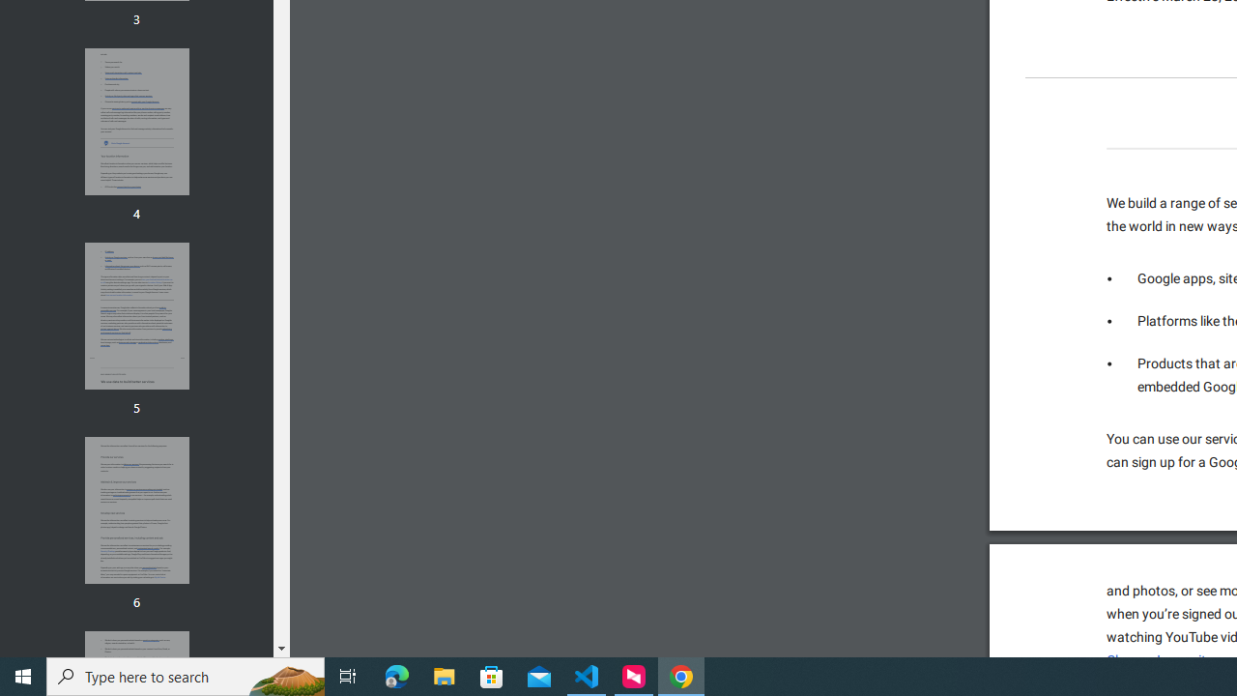 The image size is (1237, 696). What do you see at coordinates (135, 509) in the screenshot?
I see `'Thumbnail for page 6'` at bounding box center [135, 509].